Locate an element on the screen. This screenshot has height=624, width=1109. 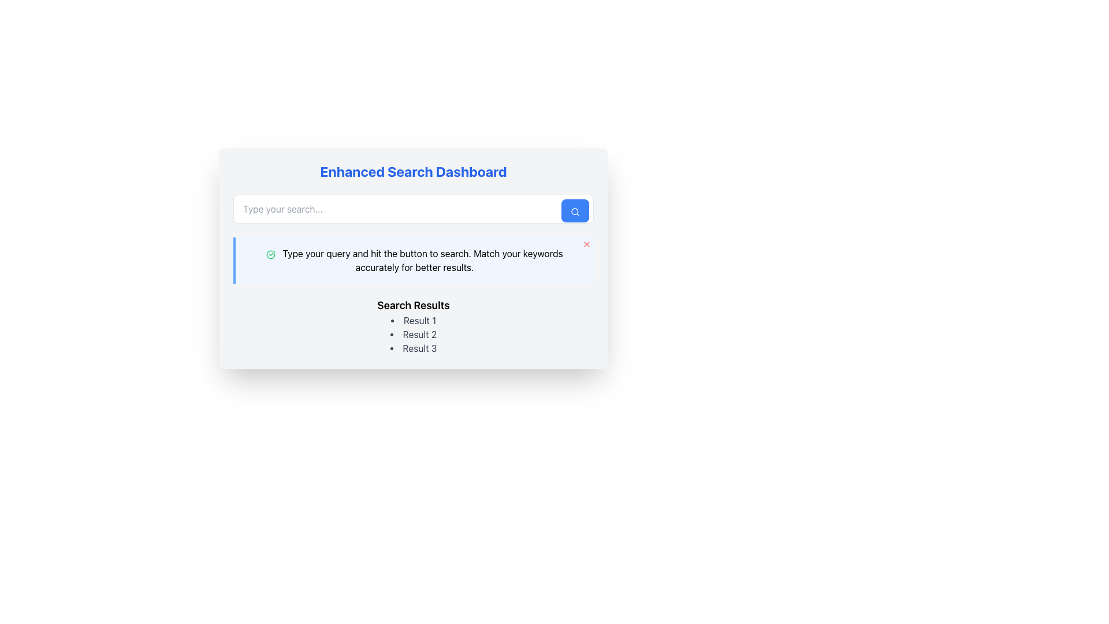
the header text label indicating search results, which is located at the top of the results section, preceding the list of results is located at coordinates (413, 304).